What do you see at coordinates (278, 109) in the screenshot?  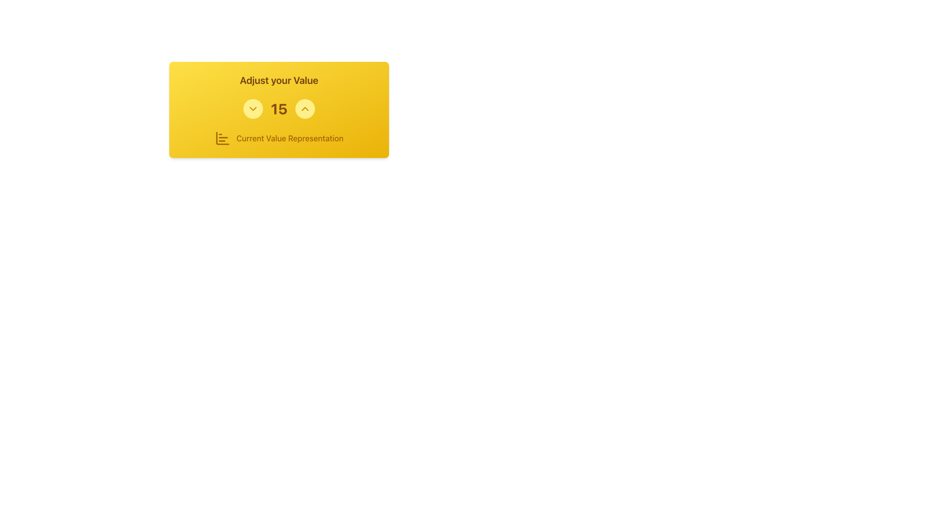 I see `the bold numeric value '15' displayed in a large font size and vibrant yellow color, located centrally within the yellow gradient card titled 'Adjust your Value'` at bounding box center [278, 109].